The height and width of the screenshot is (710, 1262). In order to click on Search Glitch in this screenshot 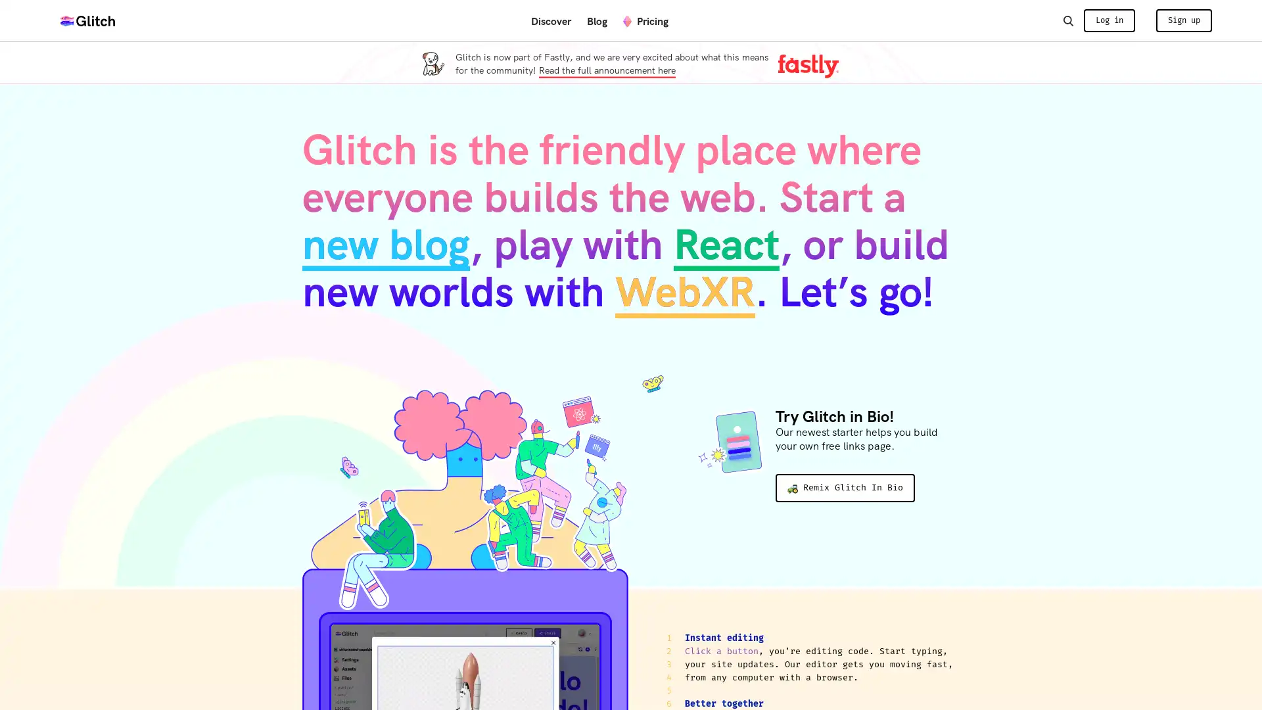, I will do `click(1067, 20)`.